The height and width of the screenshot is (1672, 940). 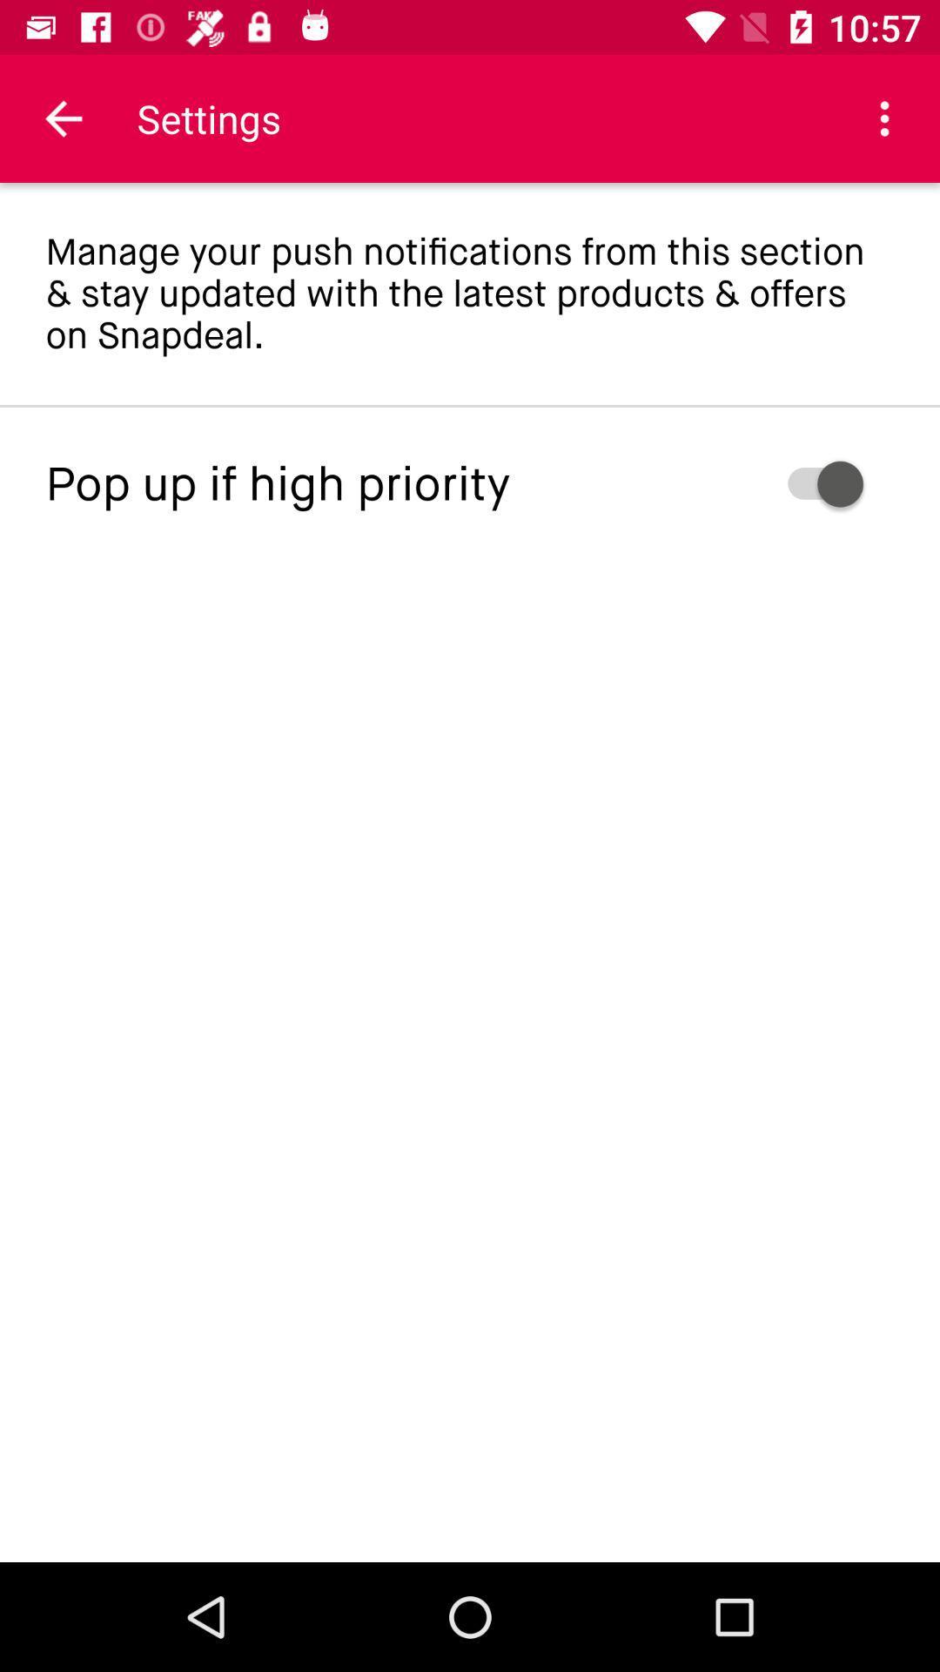 I want to click on app to the right of the settings item, so click(x=885, y=118).